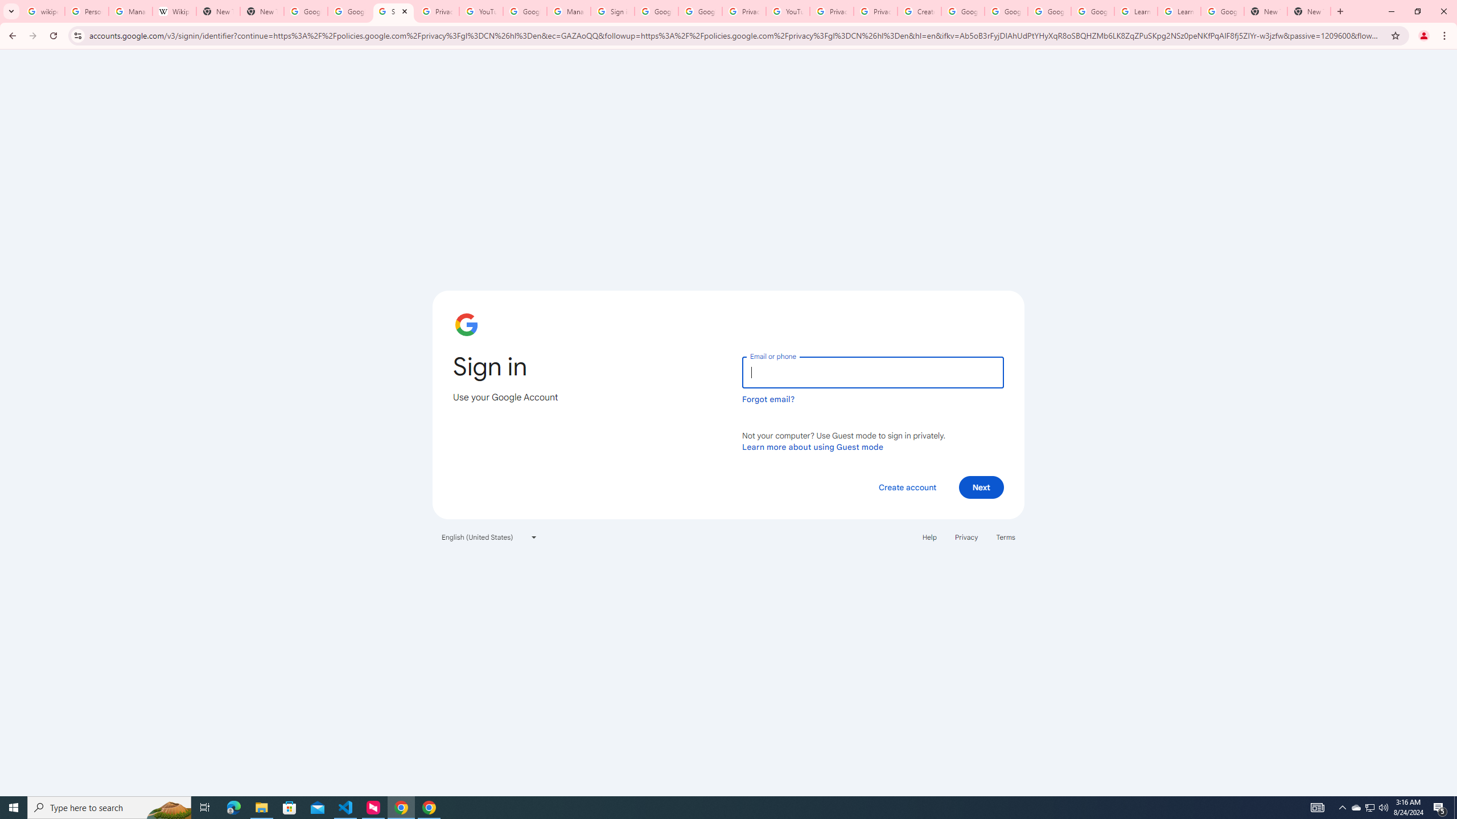 This screenshot has width=1457, height=819. What do you see at coordinates (130, 11) in the screenshot?
I see `'Manage your Location History - Google Search Help'` at bounding box center [130, 11].